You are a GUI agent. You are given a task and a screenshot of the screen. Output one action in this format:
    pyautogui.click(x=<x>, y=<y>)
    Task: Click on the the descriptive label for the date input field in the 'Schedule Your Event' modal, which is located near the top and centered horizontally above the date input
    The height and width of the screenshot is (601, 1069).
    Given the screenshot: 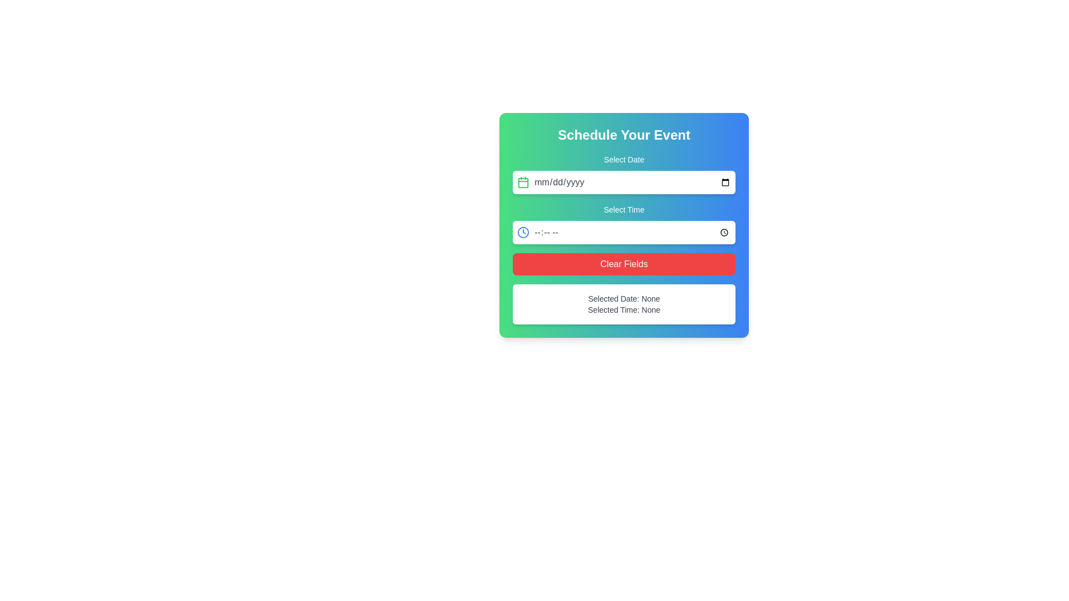 What is the action you would take?
    pyautogui.click(x=624, y=159)
    